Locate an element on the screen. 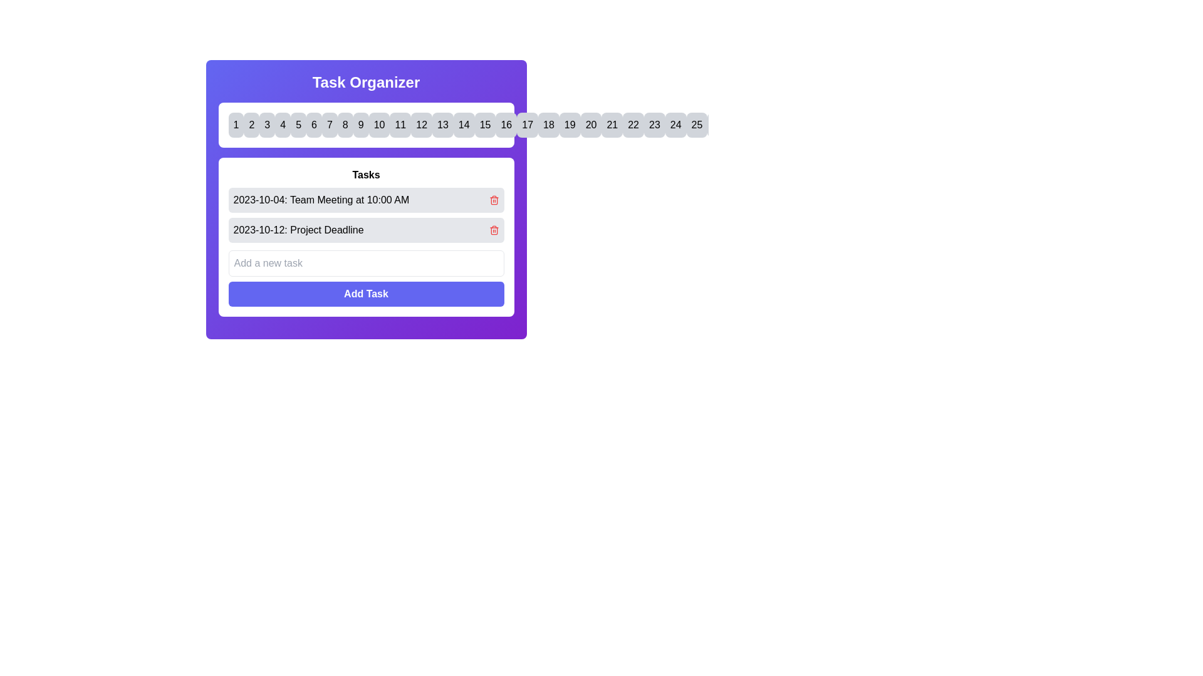 This screenshot has height=676, width=1203. the button labeled '8' located at the top-center region of the interface is located at coordinates (345, 125).